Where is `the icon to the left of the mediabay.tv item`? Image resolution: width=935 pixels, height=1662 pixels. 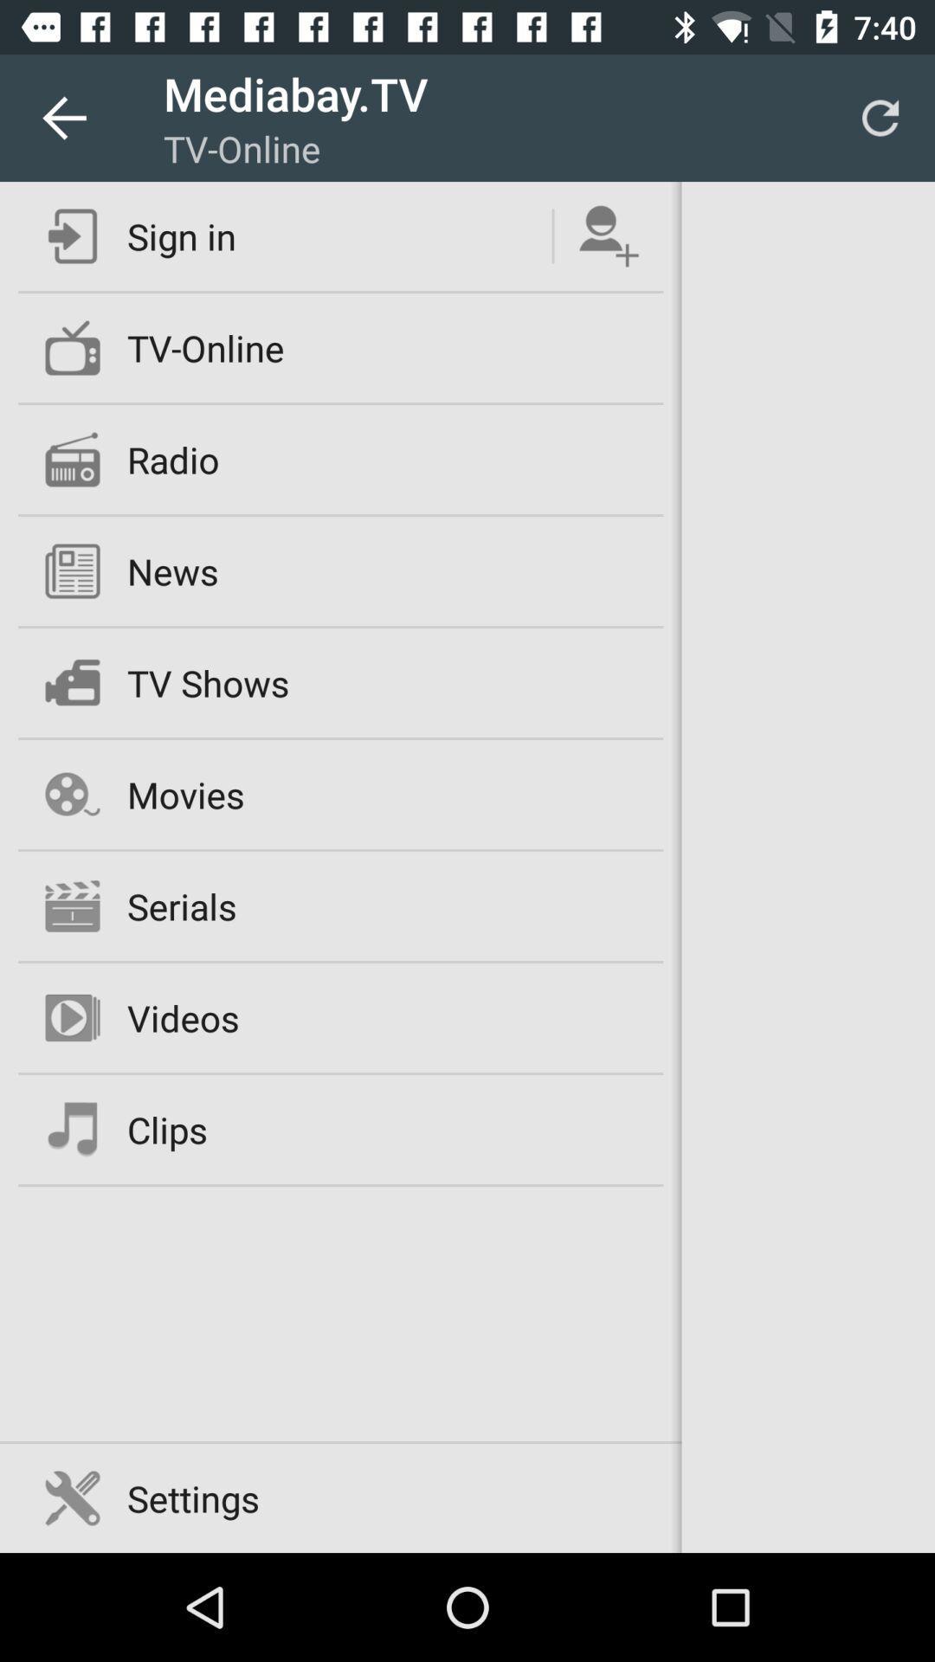
the icon to the left of the mediabay.tv item is located at coordinates (62, 117).